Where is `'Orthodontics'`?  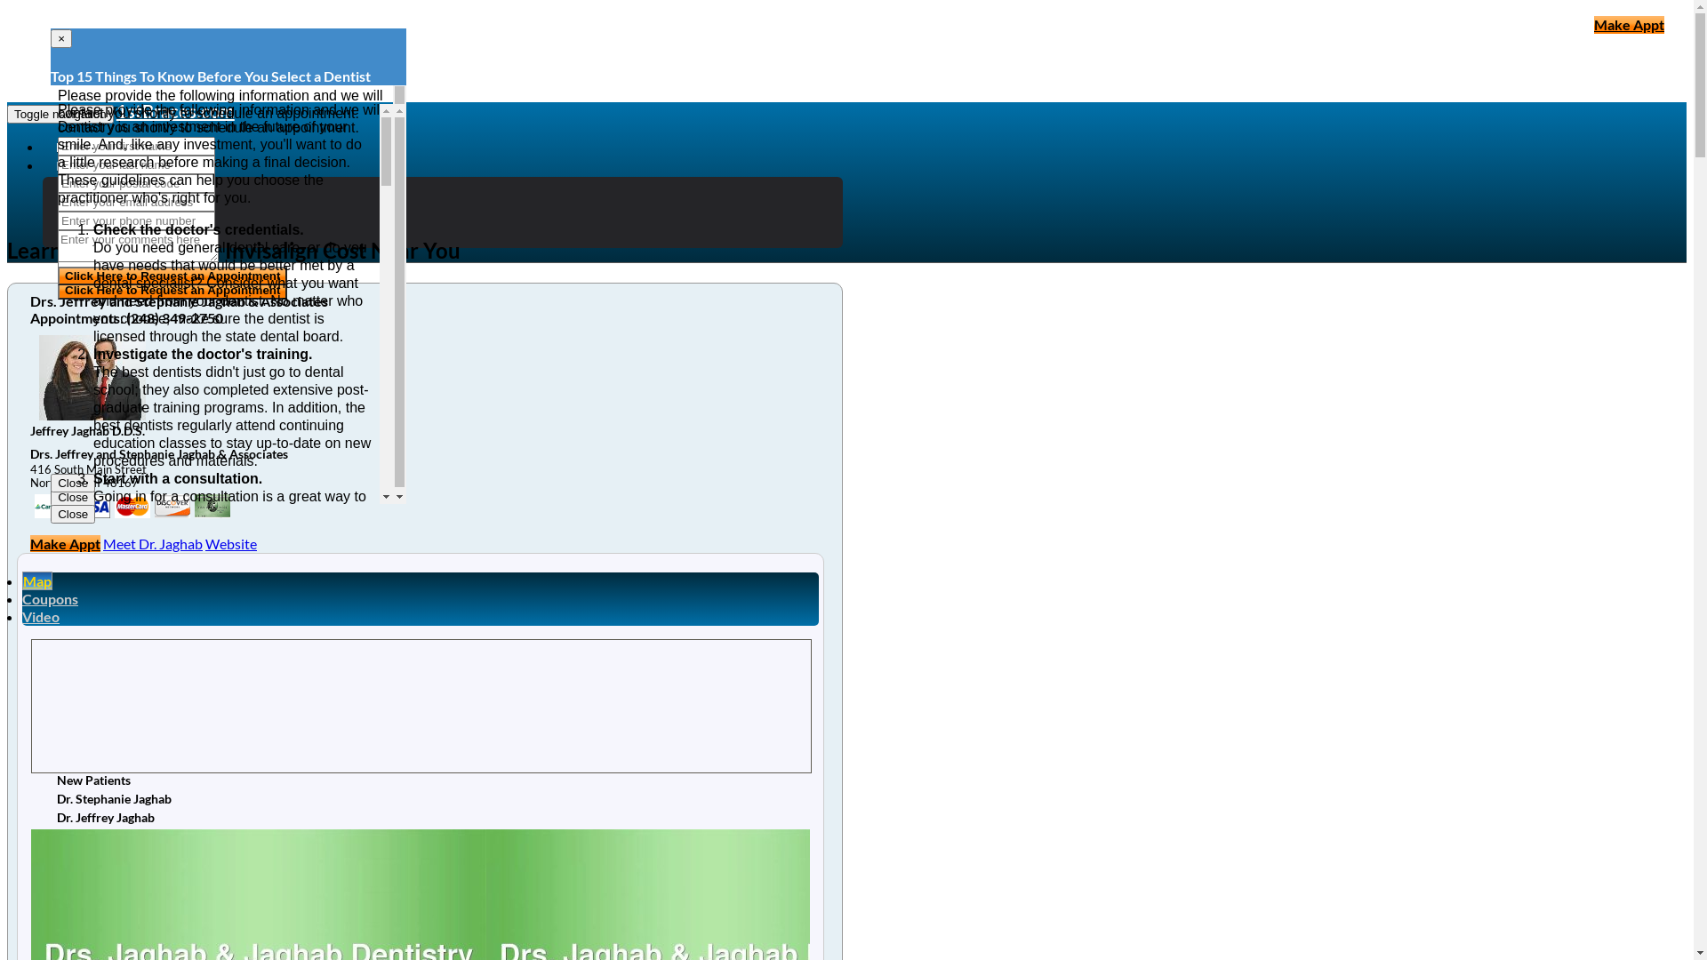 'Orthodontics' is located at coordinates (118, 185).